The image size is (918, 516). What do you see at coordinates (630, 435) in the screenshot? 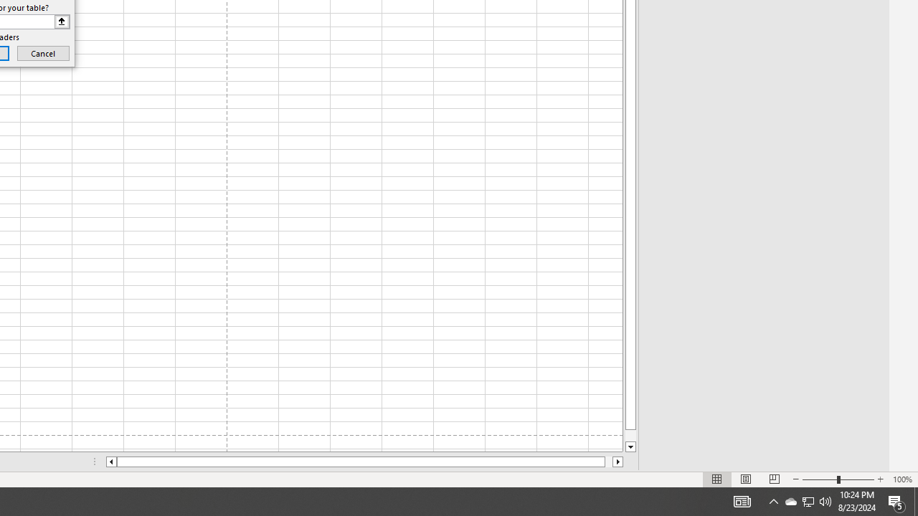
I see `'Page down'` at bounding box center [630, 435].